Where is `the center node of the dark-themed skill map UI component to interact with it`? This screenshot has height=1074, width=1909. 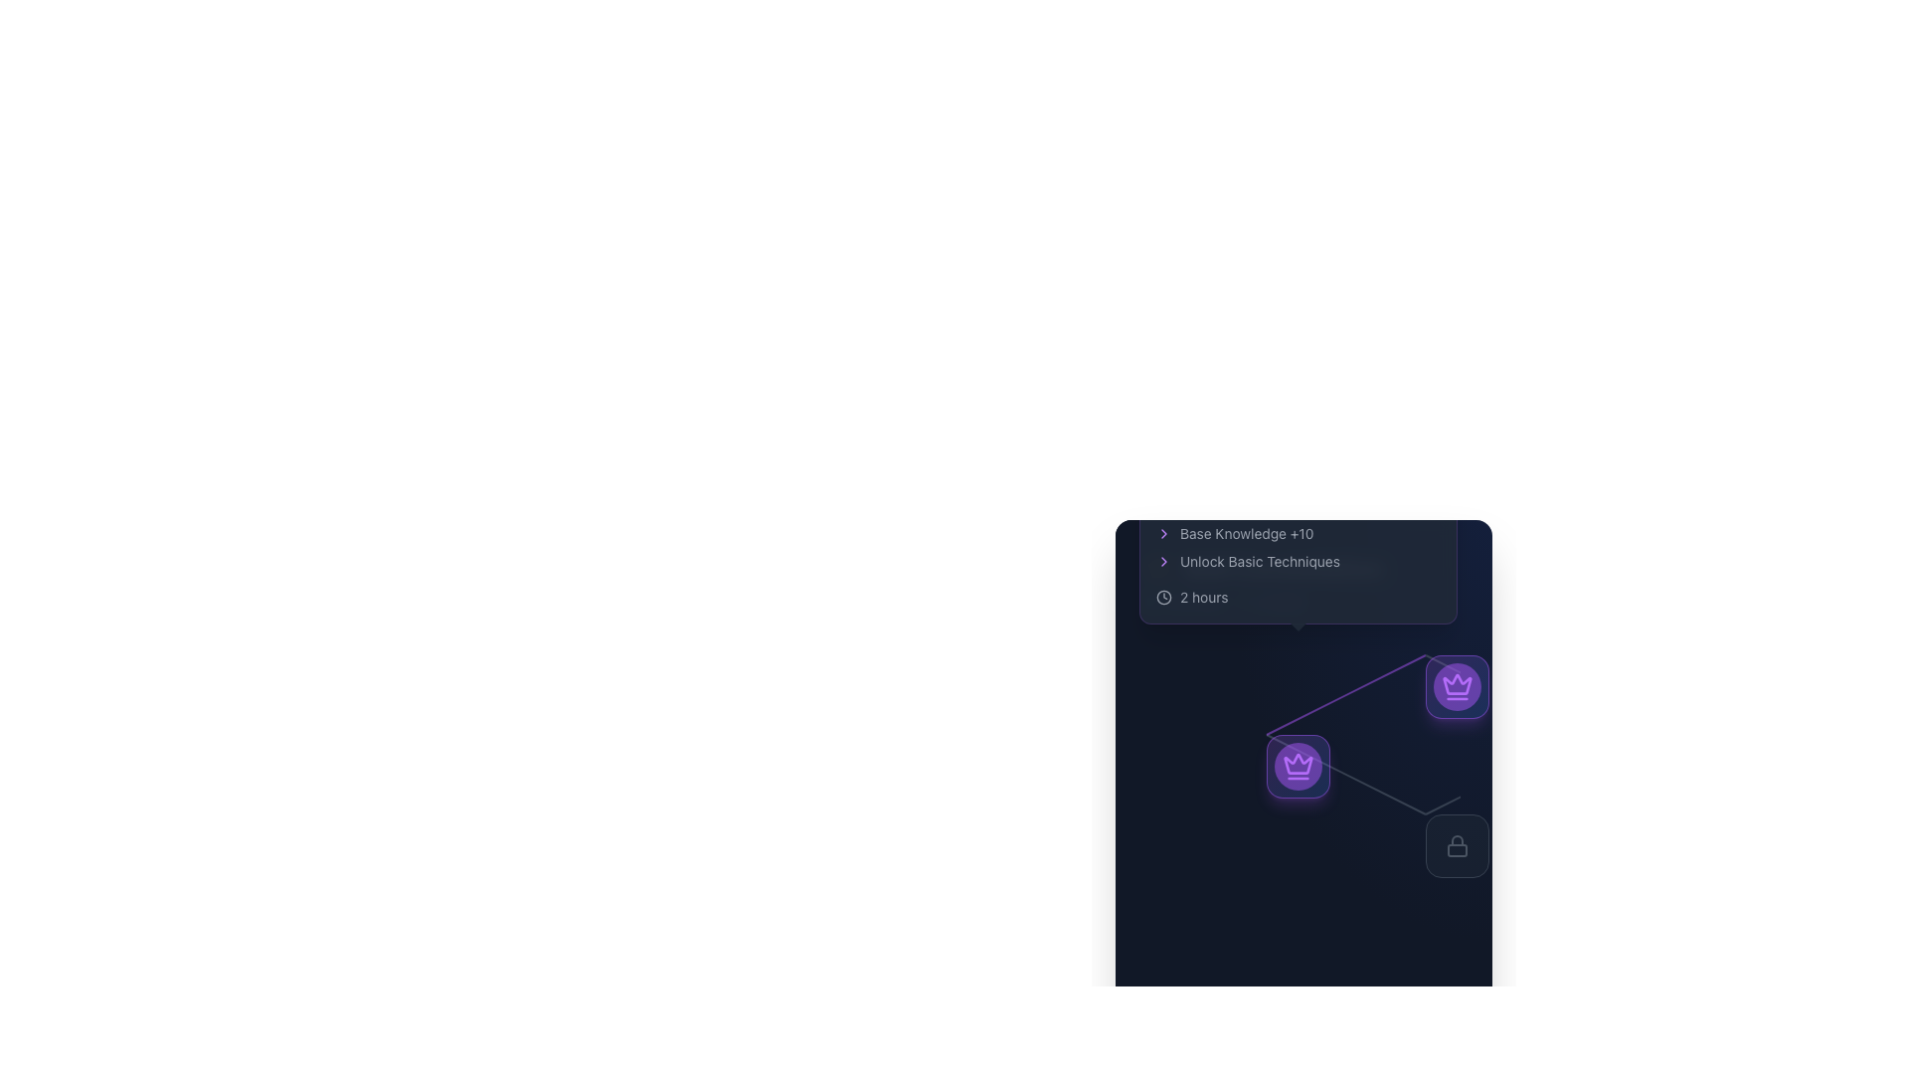 the center node of the dark-themed skill map UI component to interact with it is located at coordinates (1303, 741).